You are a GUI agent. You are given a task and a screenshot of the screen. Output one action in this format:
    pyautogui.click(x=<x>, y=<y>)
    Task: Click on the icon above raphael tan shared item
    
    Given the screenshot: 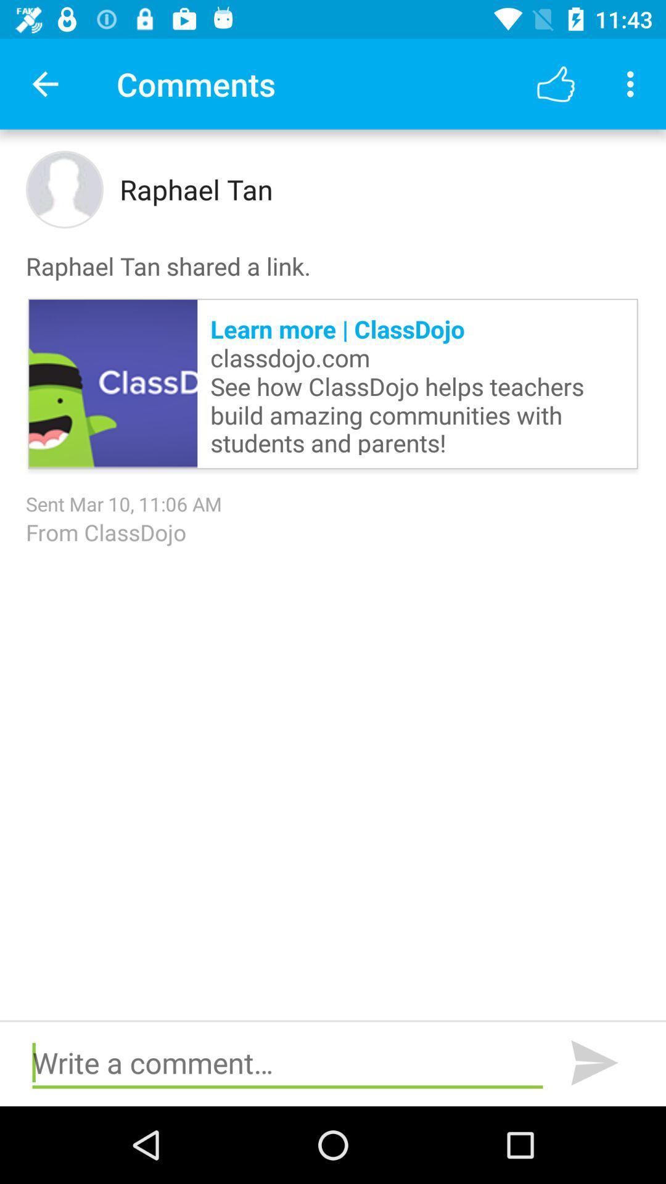 What is the action you would take?
    pyautogui.click(x=556, y=83)
    